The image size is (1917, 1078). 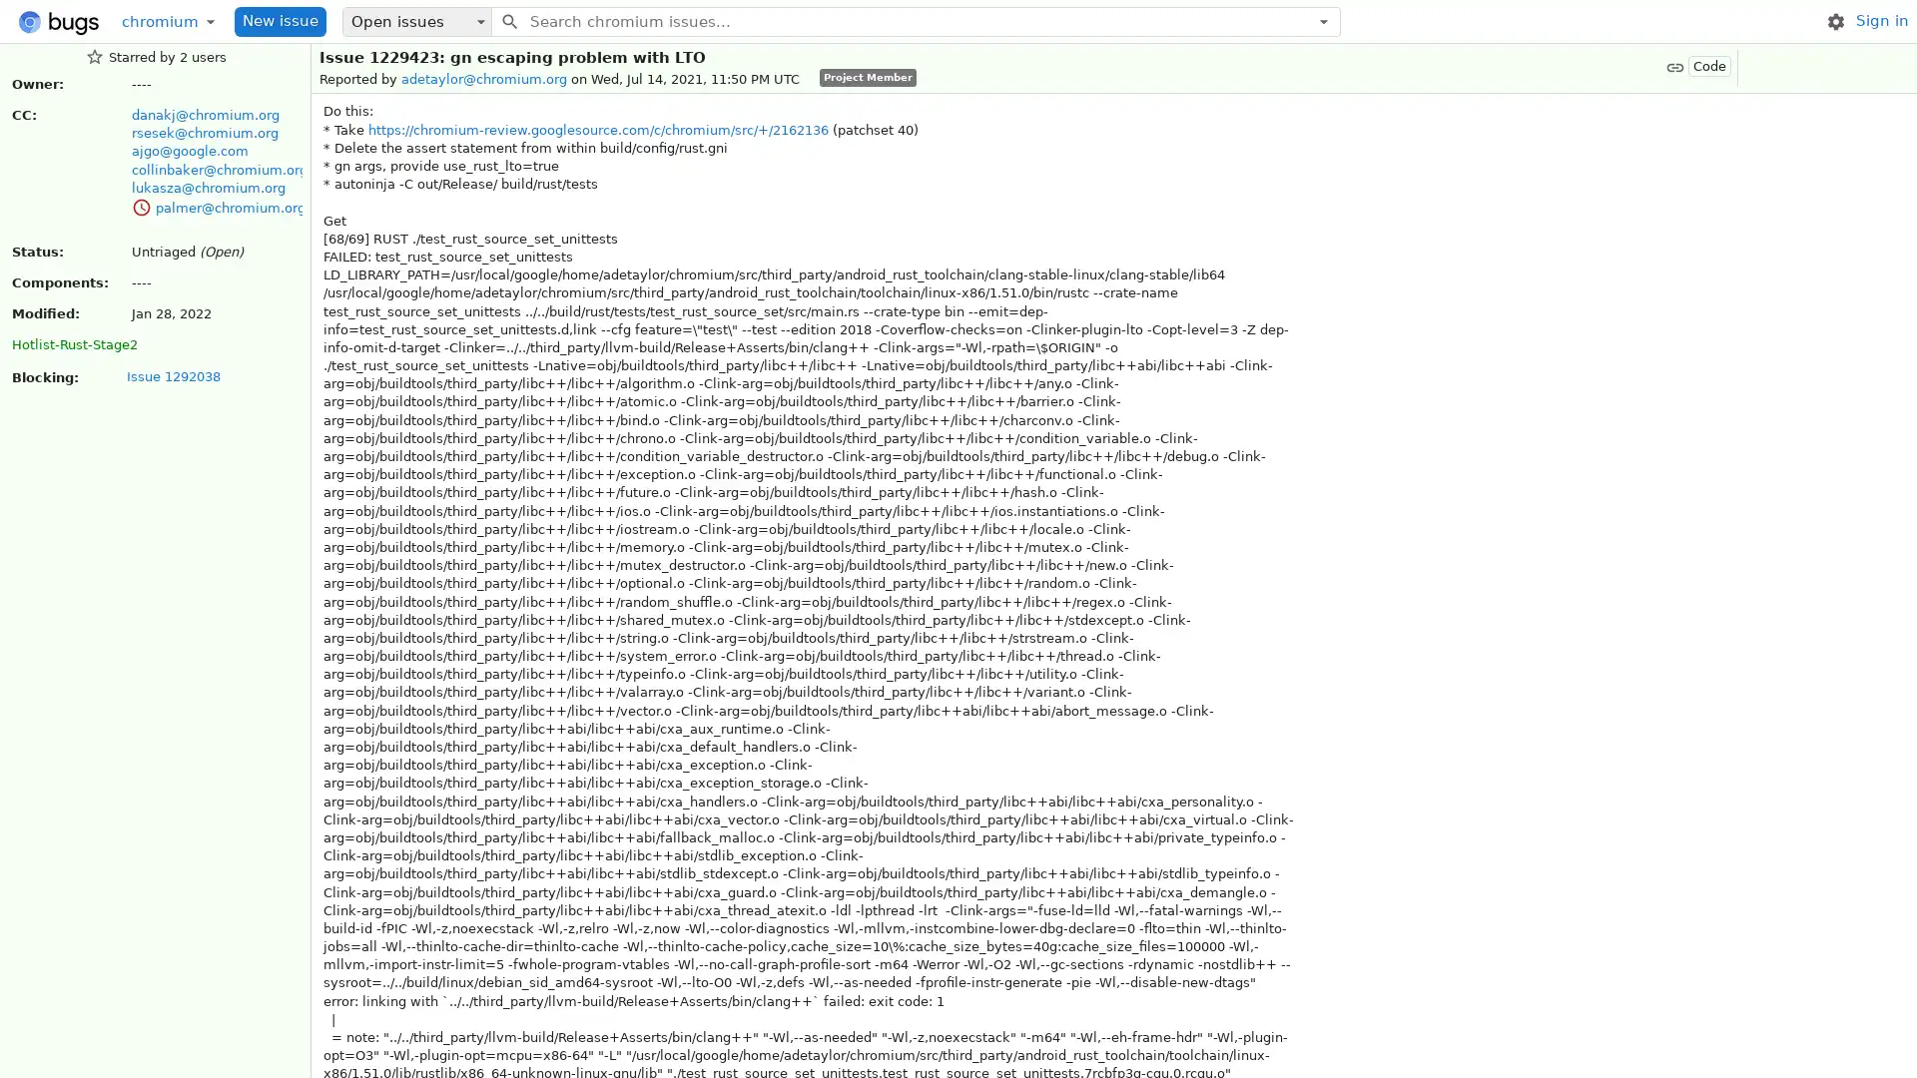 What do you see at coordinates (508, 20) in the screenshot?
I see `search` at bounding box center [508, 20].